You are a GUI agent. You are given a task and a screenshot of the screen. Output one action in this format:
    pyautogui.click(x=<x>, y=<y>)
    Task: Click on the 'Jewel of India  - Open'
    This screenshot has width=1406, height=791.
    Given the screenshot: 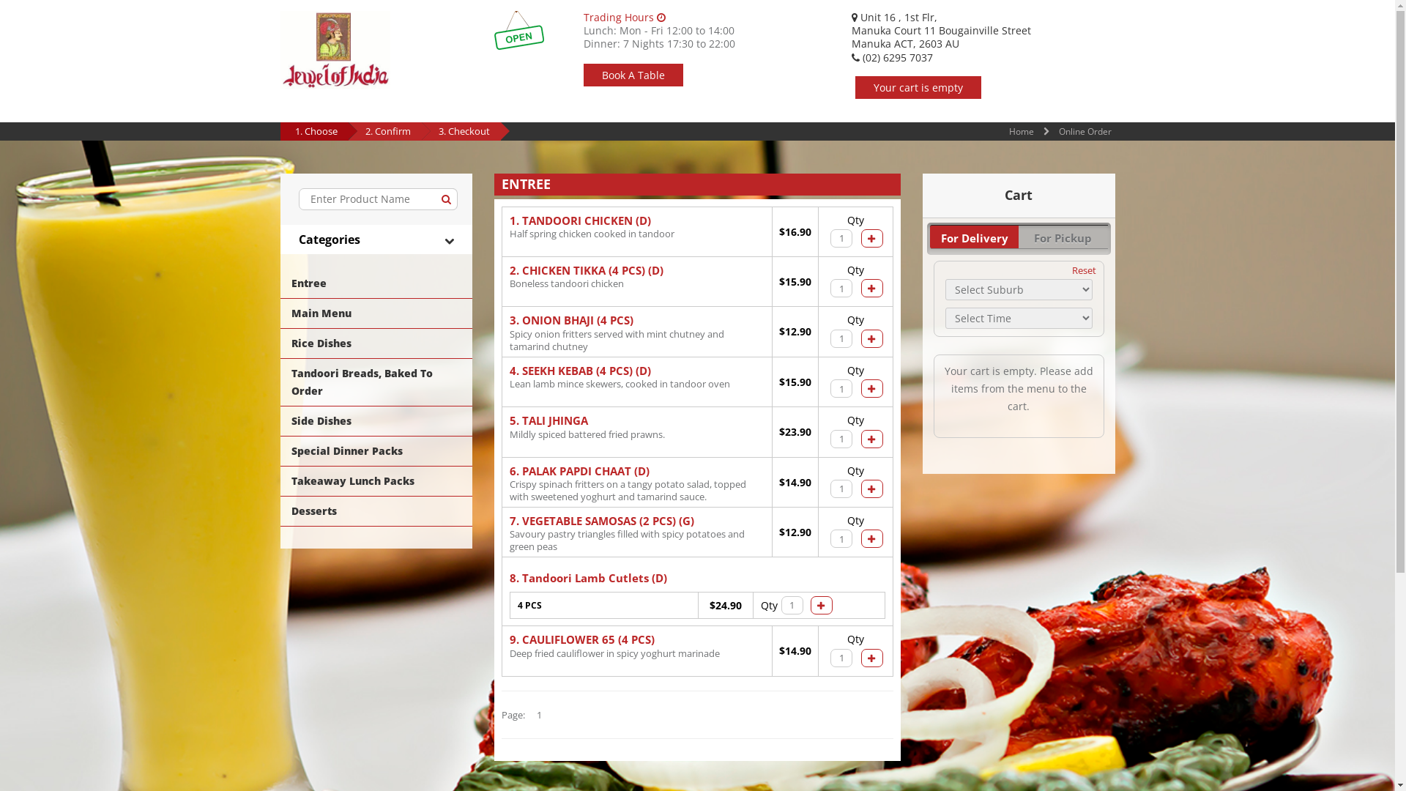 What is the action you would take?
    pyautogui.click(x=519, y=31)
    